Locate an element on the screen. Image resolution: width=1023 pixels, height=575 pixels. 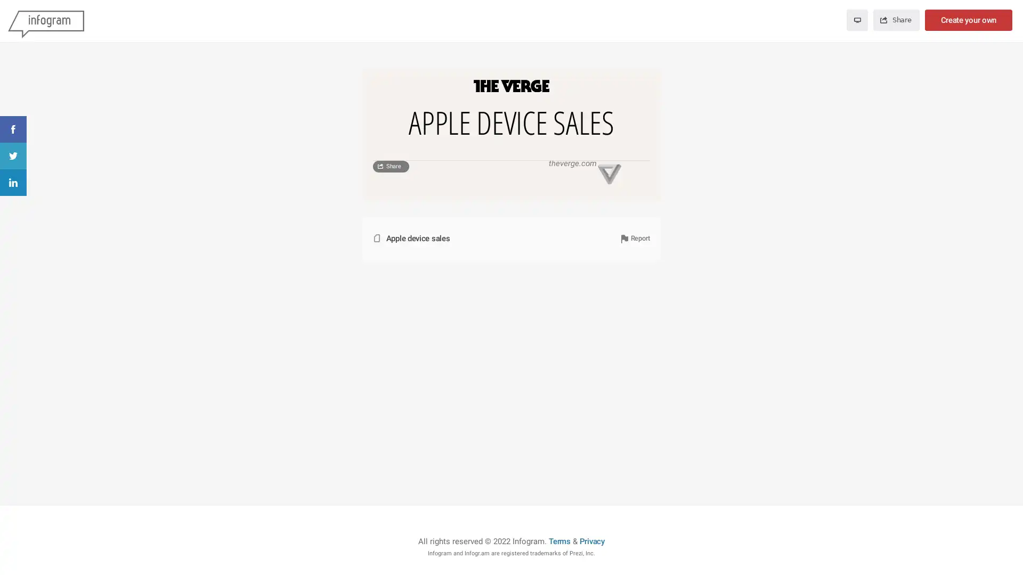
Show side buttons is located at coordinates (644, 84).